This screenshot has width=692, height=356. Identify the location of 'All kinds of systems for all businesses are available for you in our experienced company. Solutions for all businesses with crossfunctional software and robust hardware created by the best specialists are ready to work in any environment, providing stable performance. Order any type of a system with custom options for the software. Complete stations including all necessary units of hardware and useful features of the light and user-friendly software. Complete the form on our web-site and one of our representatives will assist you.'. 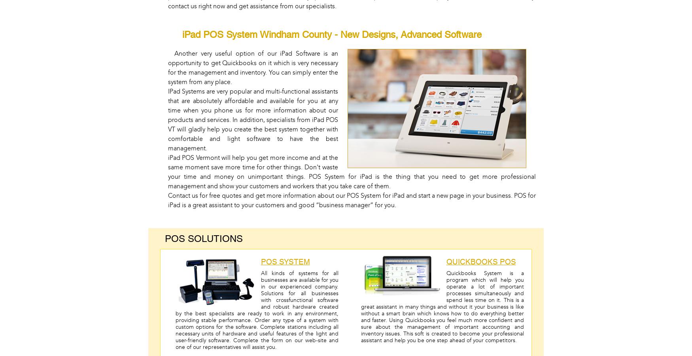
(175, 310).